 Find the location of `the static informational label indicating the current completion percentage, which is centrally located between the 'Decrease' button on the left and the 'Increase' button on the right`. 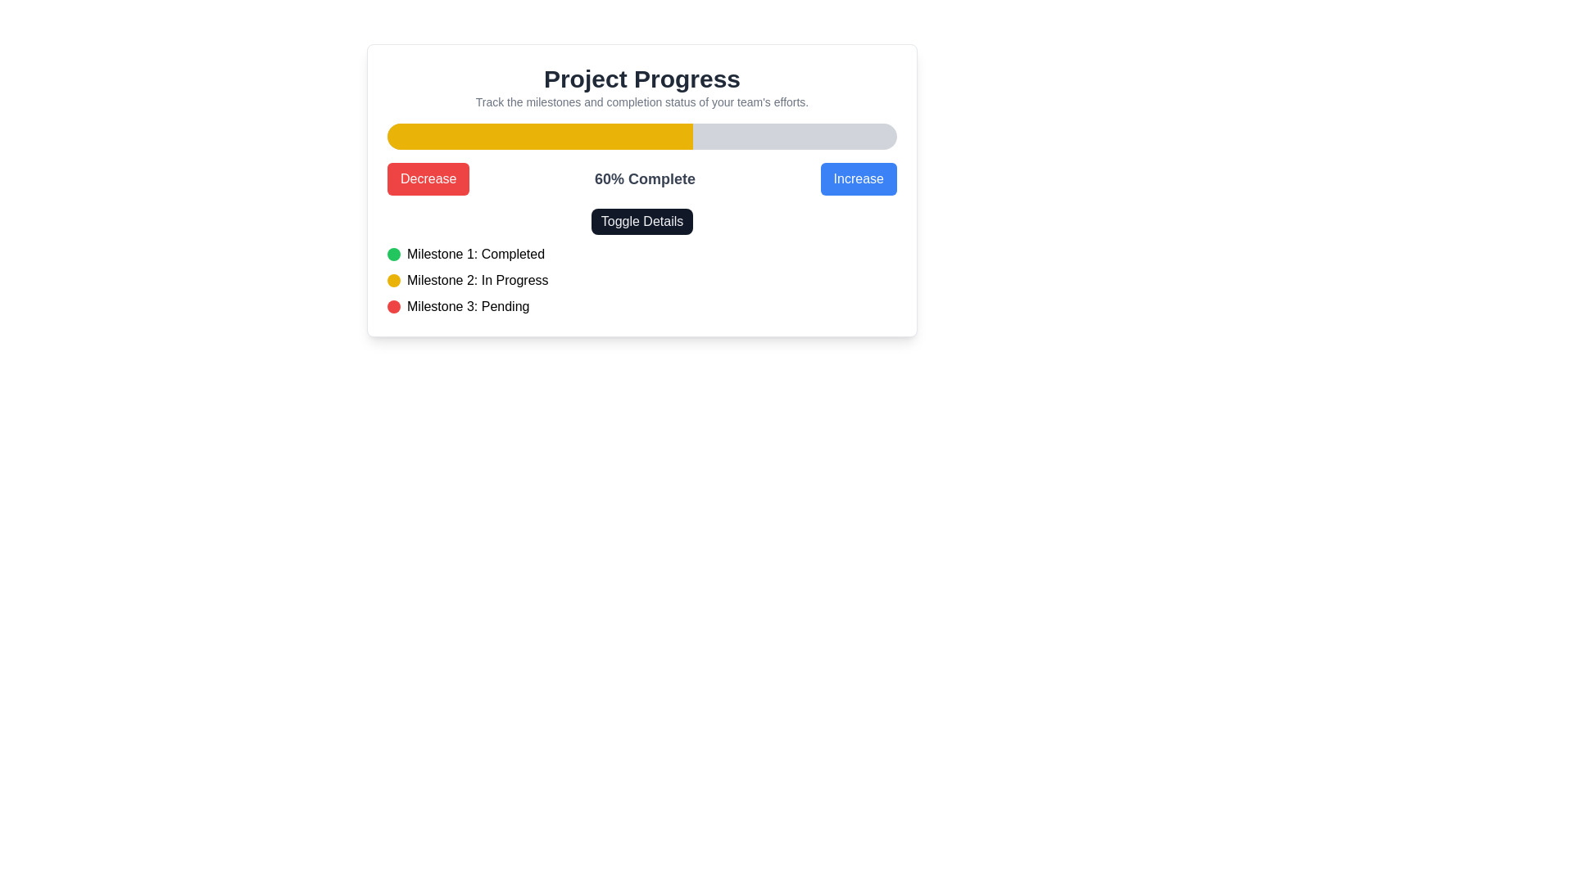

the static informational label indicating the current completion percentage, which is centrally located between the 'Decrease' button on the left and the 'Increase' button on the right is located at coordinates (644, 179).